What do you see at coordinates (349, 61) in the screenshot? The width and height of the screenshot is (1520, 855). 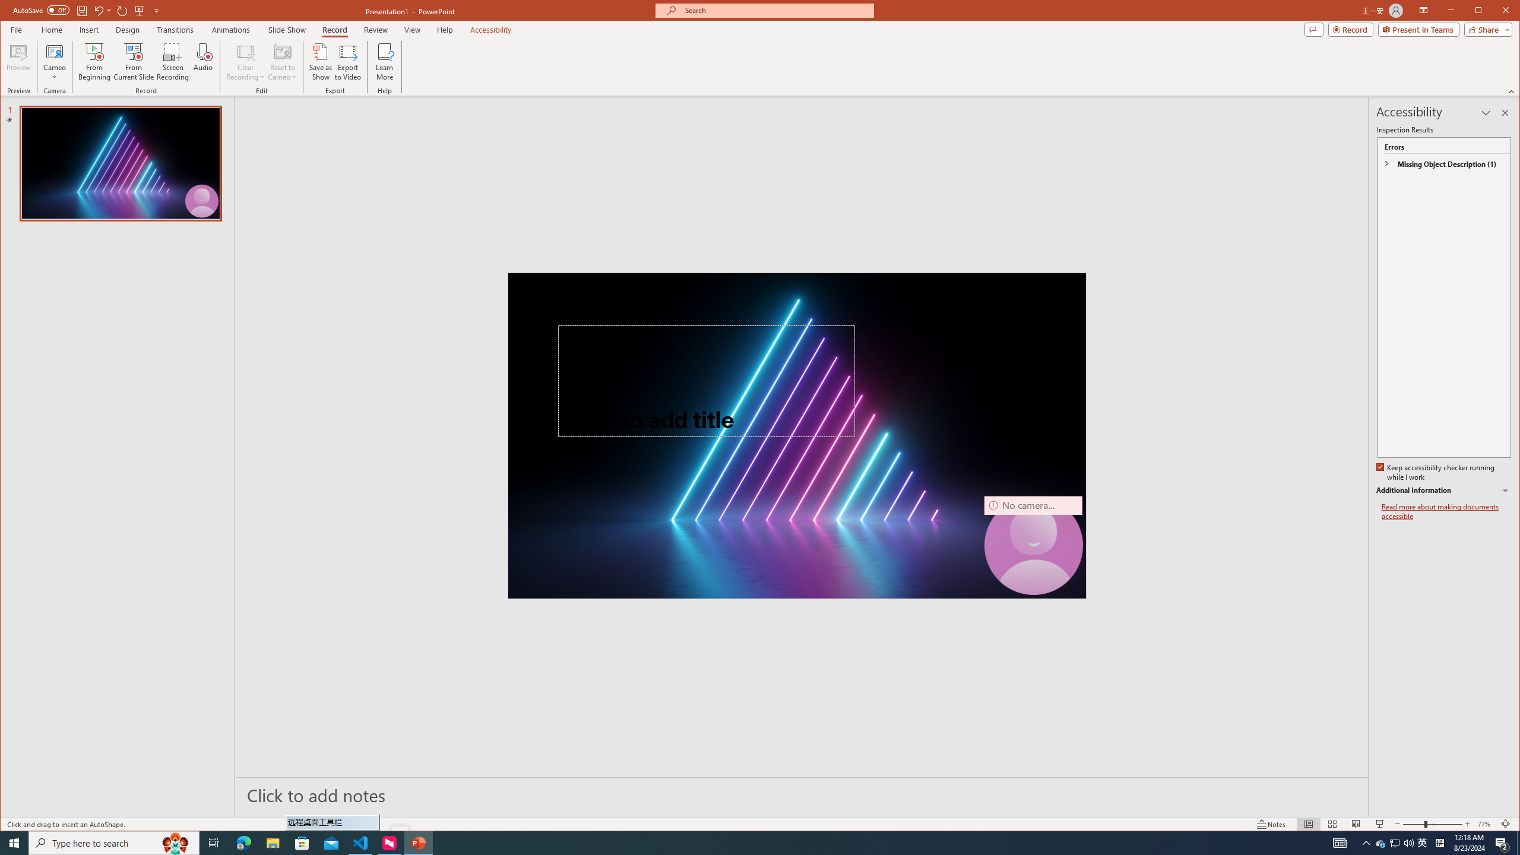 I see `'Export to Video'` at bounding box center [349, 61].